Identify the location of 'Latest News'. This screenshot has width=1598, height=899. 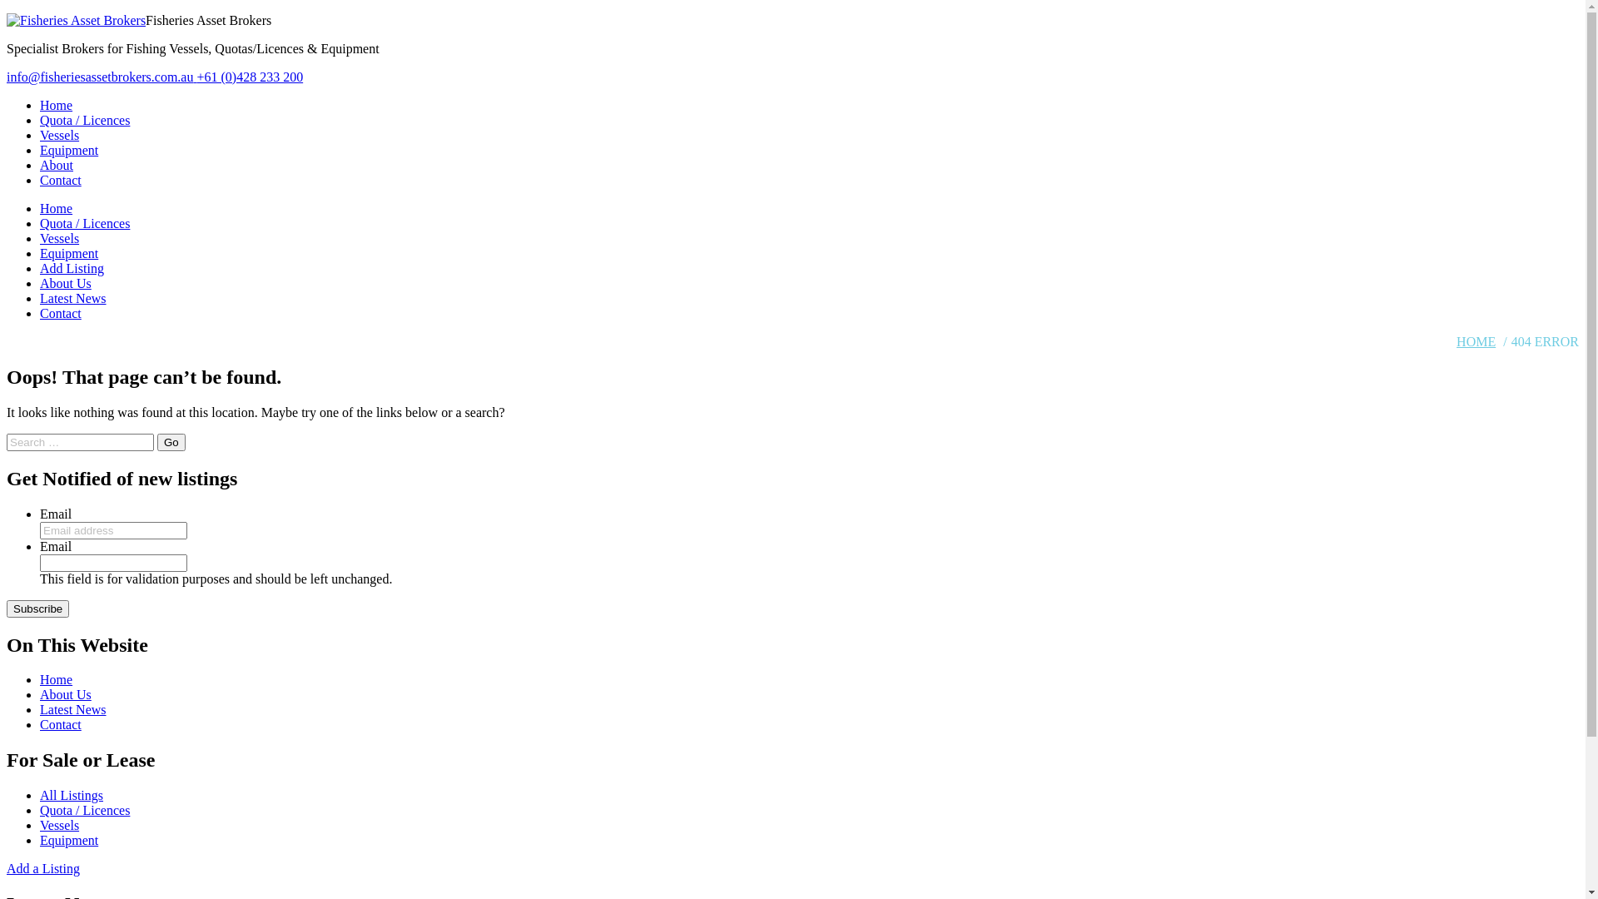
(72, 297).